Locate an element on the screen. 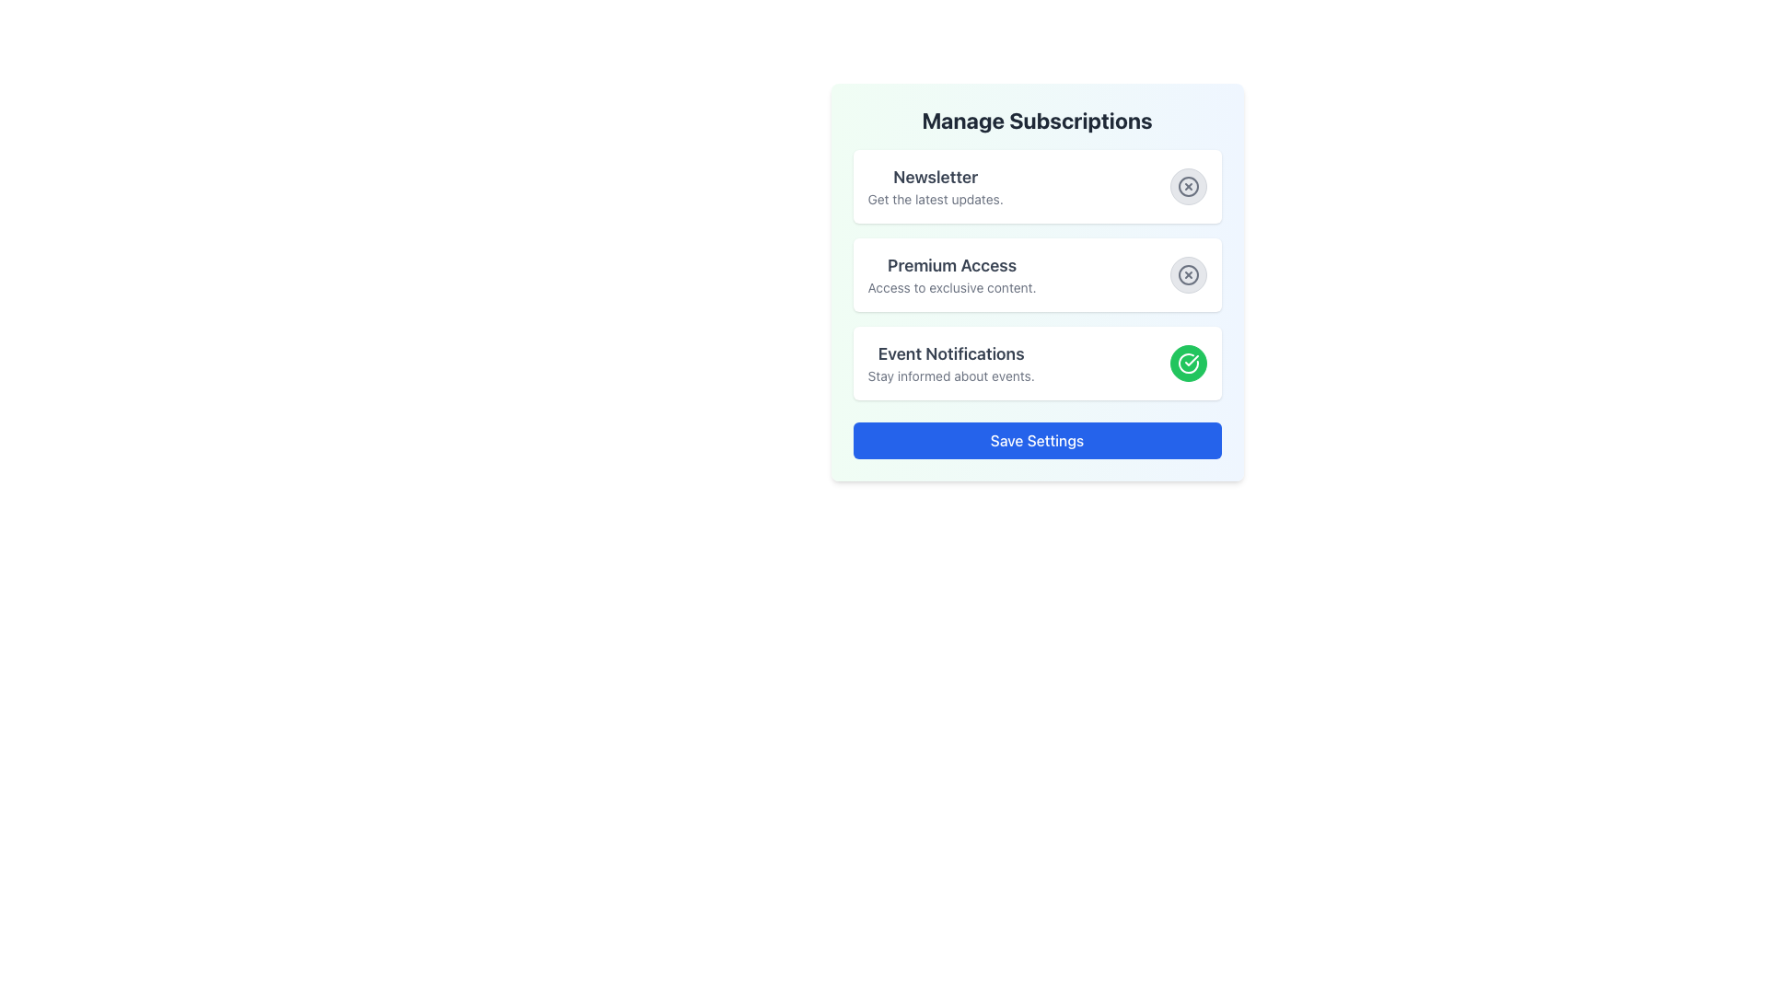 The height and width of the screenshot is (994, 1768). the icon button is located at coordinates (1188, 187).